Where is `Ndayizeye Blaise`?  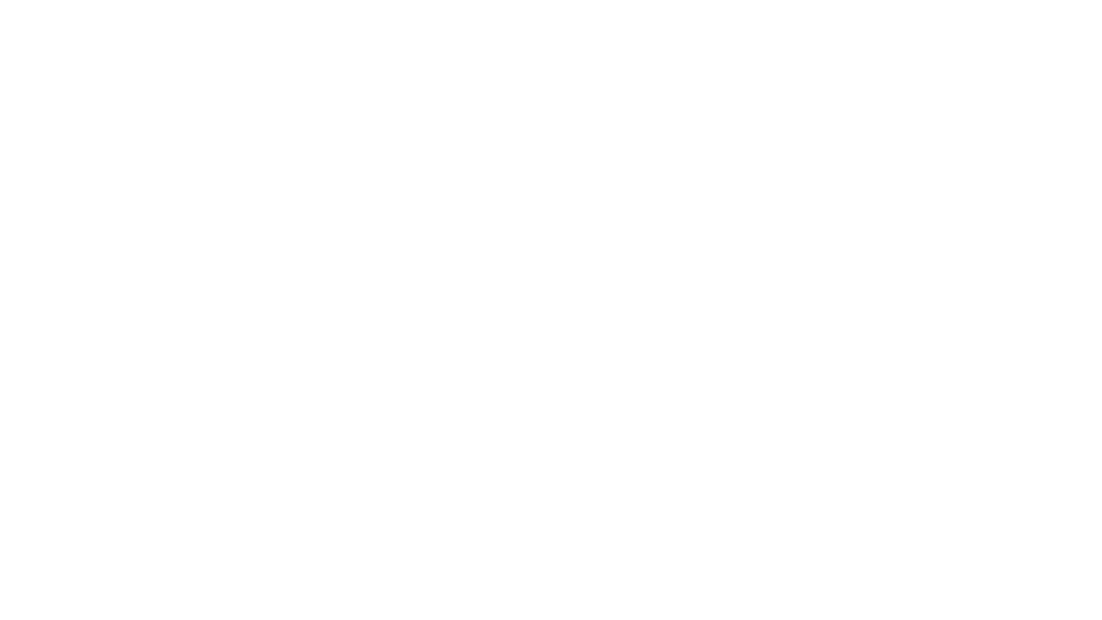 Ndayizeye Blaise is located at coordinates (493, 131).